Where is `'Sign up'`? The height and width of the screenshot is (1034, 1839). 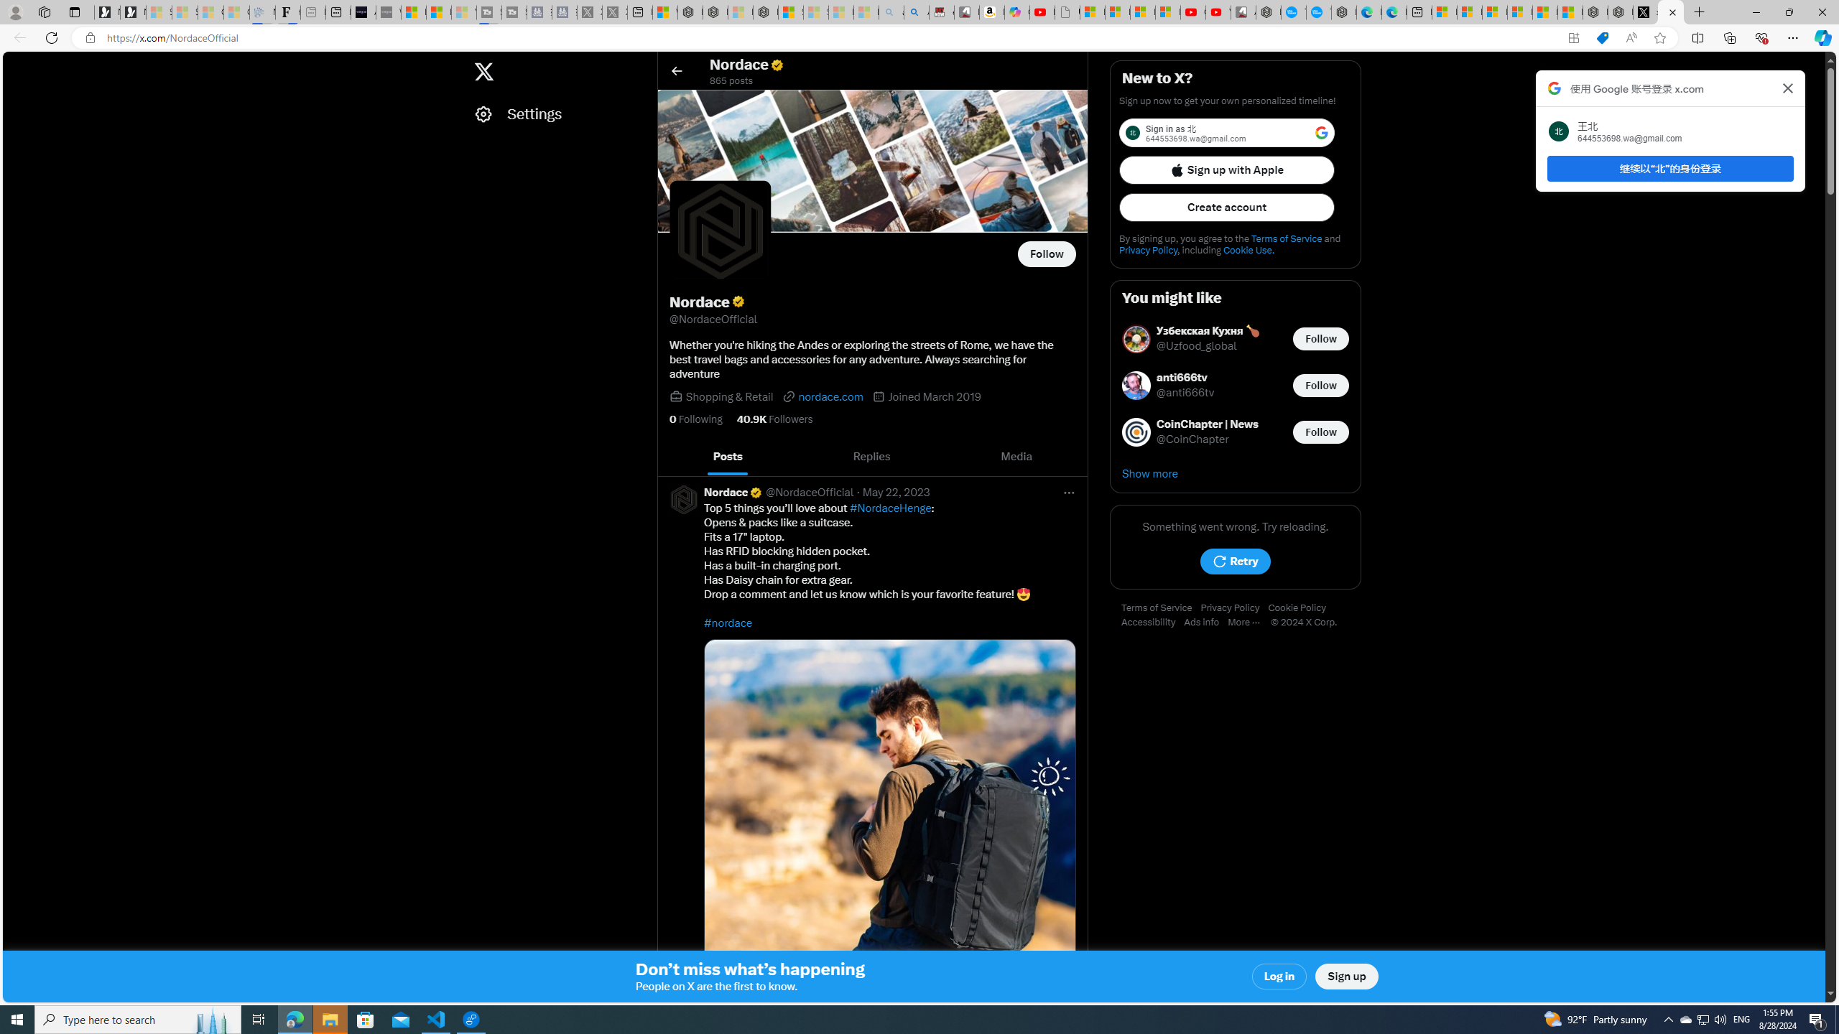
'Sign up' is located at coordinates (1347, 976).